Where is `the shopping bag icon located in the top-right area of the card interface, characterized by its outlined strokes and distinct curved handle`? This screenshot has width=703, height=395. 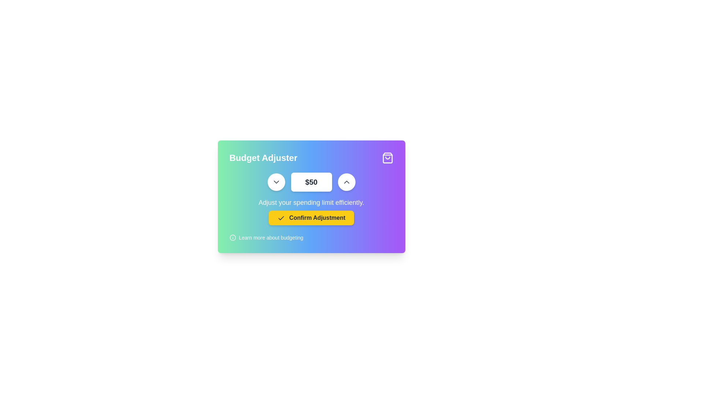
the shopping bag icon located in the top-right area of the card interface, characterized by its outlined strokes and distinct curved handle is located at coordinates (387, 158).